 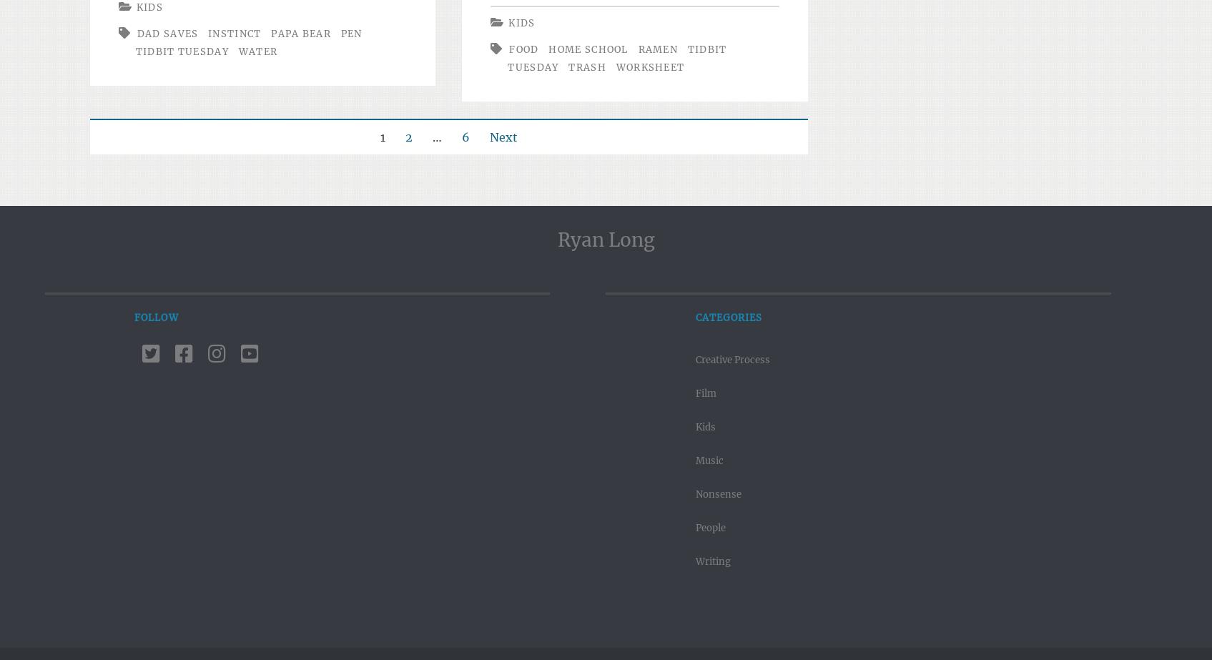 I want to click on 'Categories', so click(x=728, y=317).